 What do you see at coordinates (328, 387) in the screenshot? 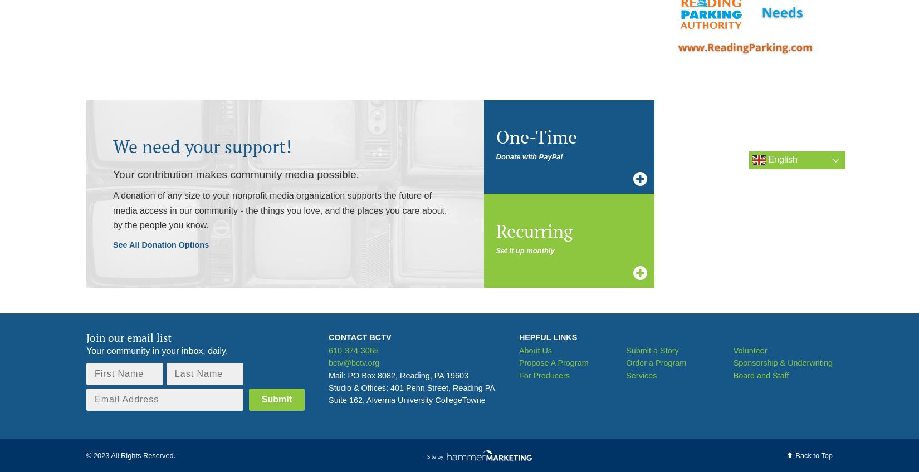
I see `'Studio & Offices: 401 Penn Street, Reading PA'` at bounding box center [328, 387].